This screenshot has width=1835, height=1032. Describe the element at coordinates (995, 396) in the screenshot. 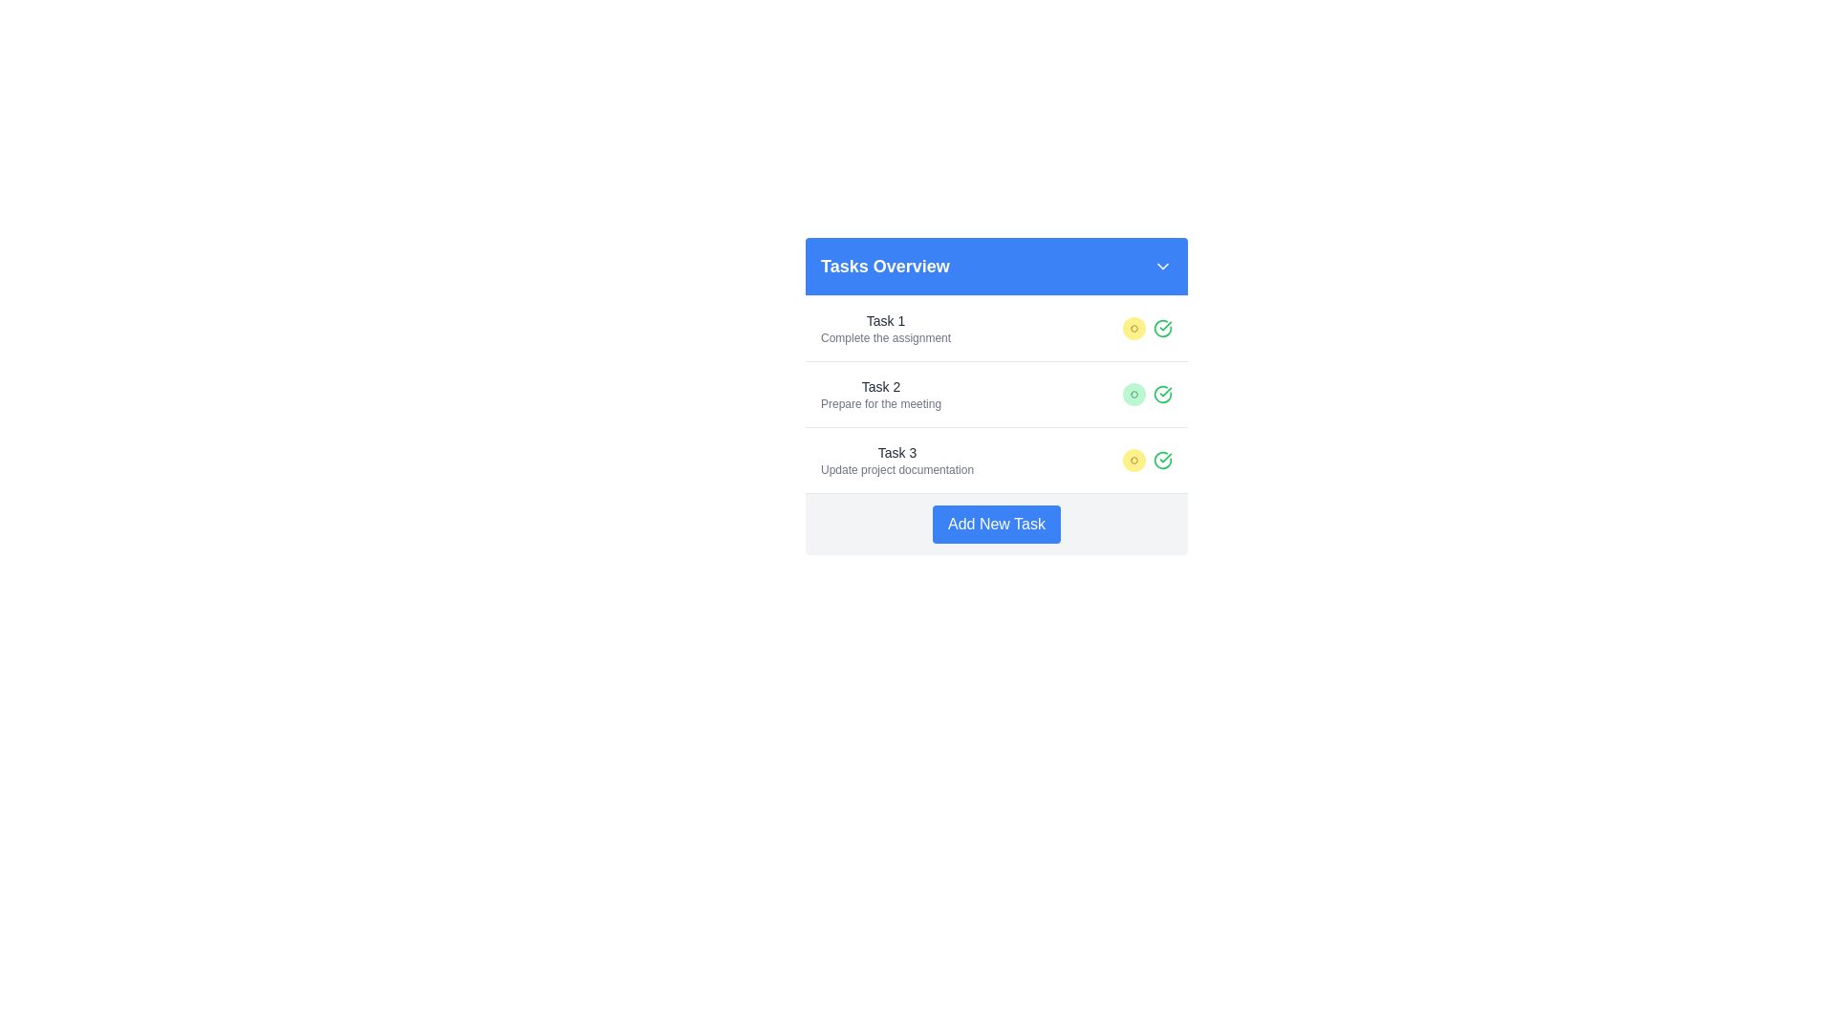

I see `the 'Task 2' entry labeled 'Prepare for the meeting'` at that location.